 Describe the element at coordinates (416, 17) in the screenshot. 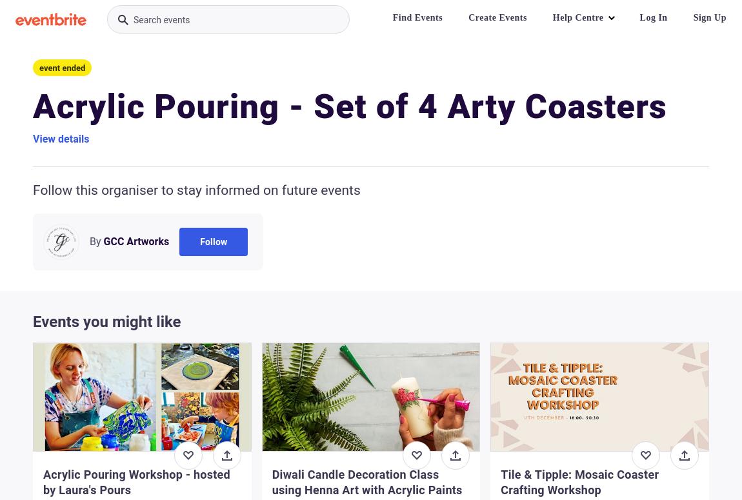

I see `'Find Events'` at that location.